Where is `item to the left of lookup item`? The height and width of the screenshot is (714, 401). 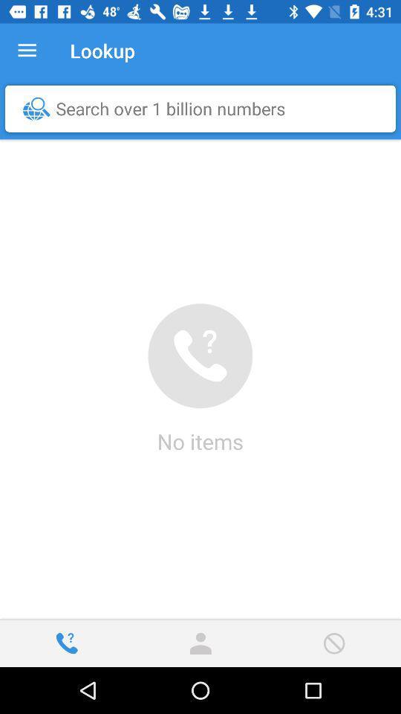
item to the left of lookup item is located at coordinates (27, 51).